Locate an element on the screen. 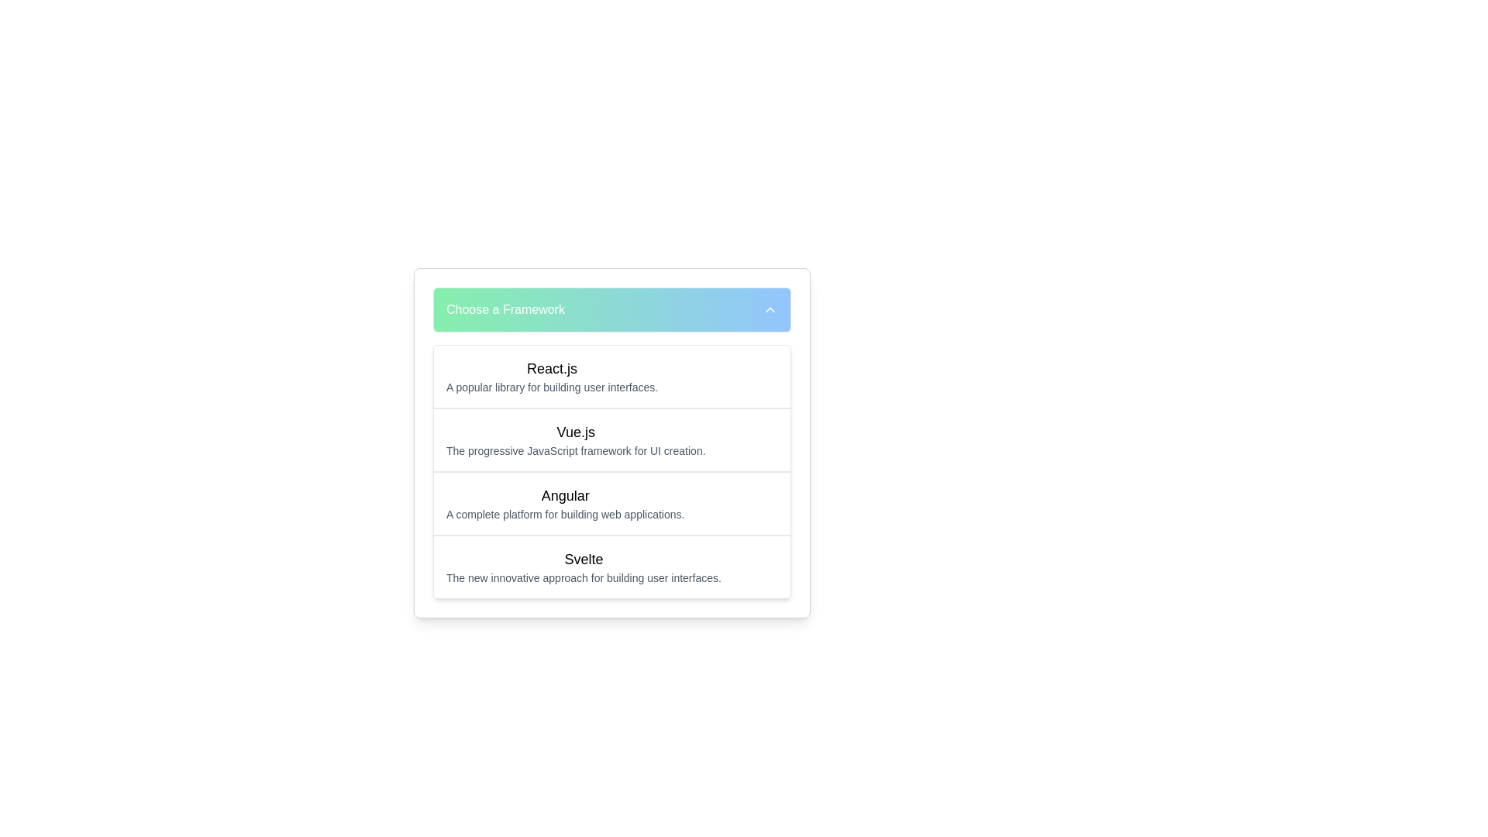 The height and width of the screenshot is (837, 1488). information presented in the text block that summarizes the Svelte framework, which is the fourth item in the list of framework descriptions is located at coordinates (583, 567).